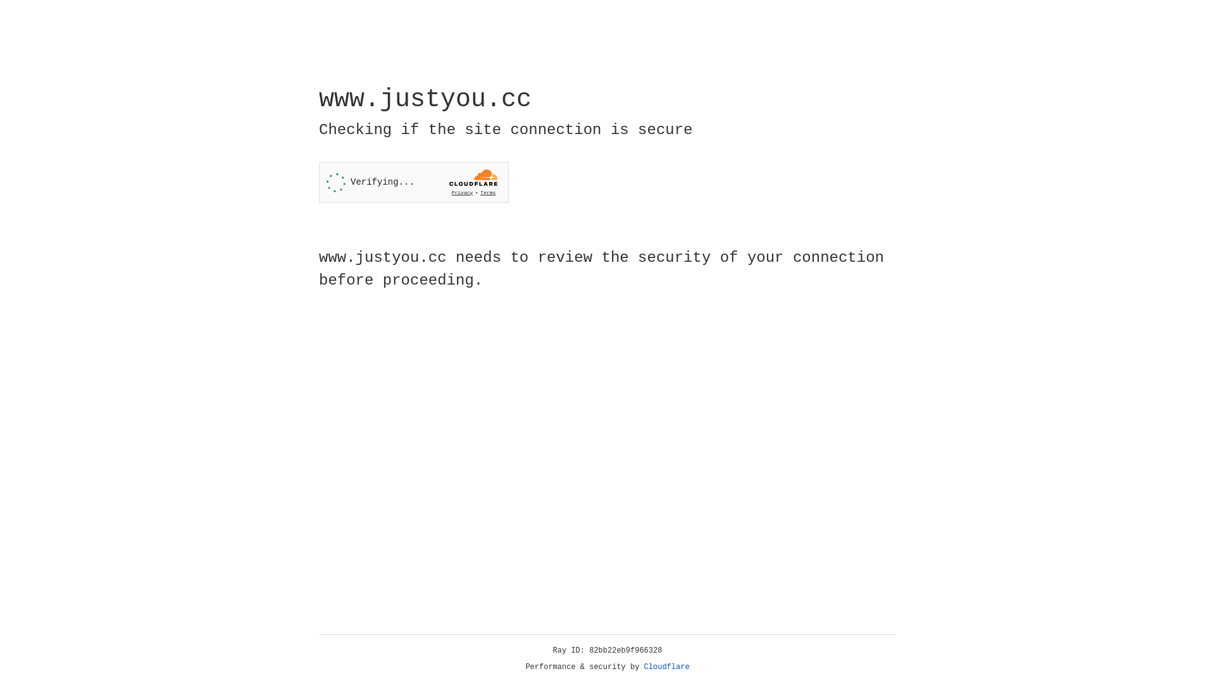  Describe the element at coordinates (666, 667) in the screenshot. I see `'Cloudflare'` at that location.